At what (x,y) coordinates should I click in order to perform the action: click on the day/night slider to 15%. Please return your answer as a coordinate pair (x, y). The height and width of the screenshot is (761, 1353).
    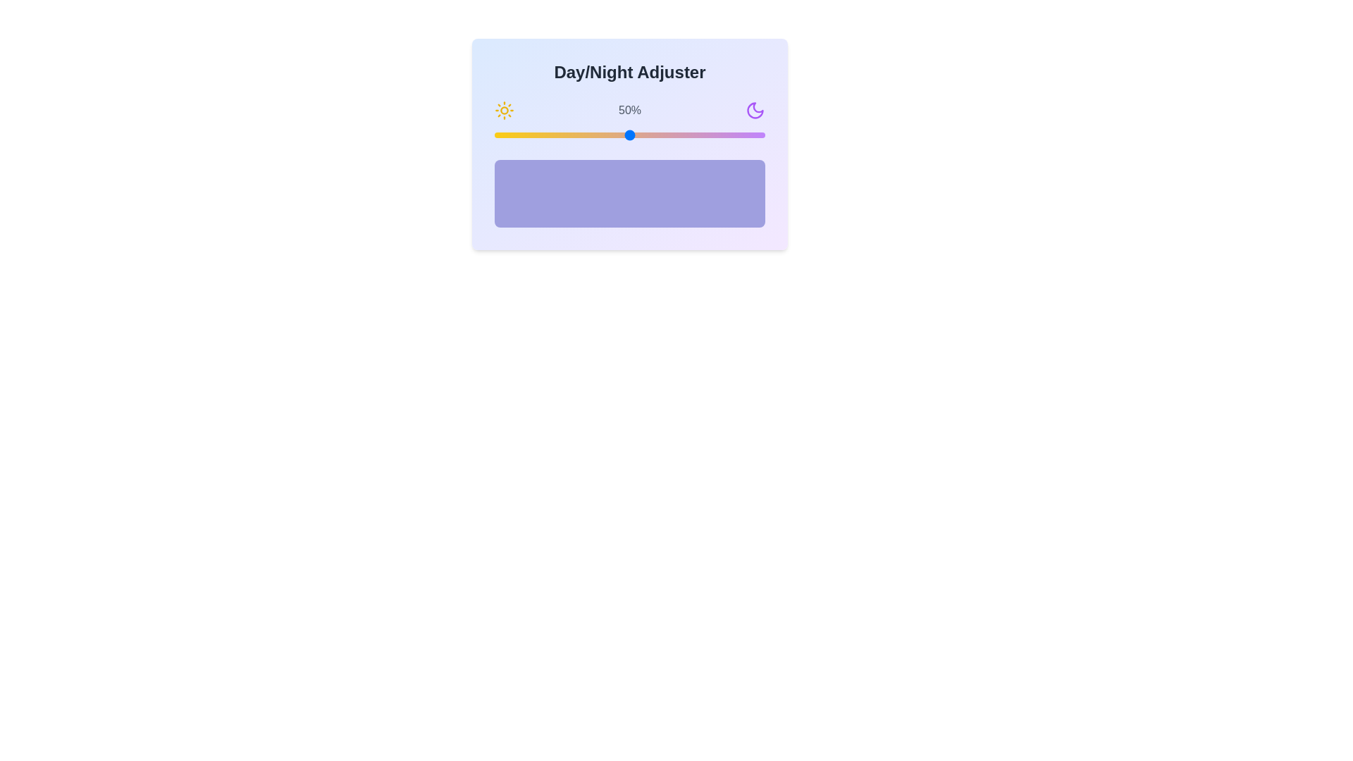
    Looking at the image, I should click on (534, 135).